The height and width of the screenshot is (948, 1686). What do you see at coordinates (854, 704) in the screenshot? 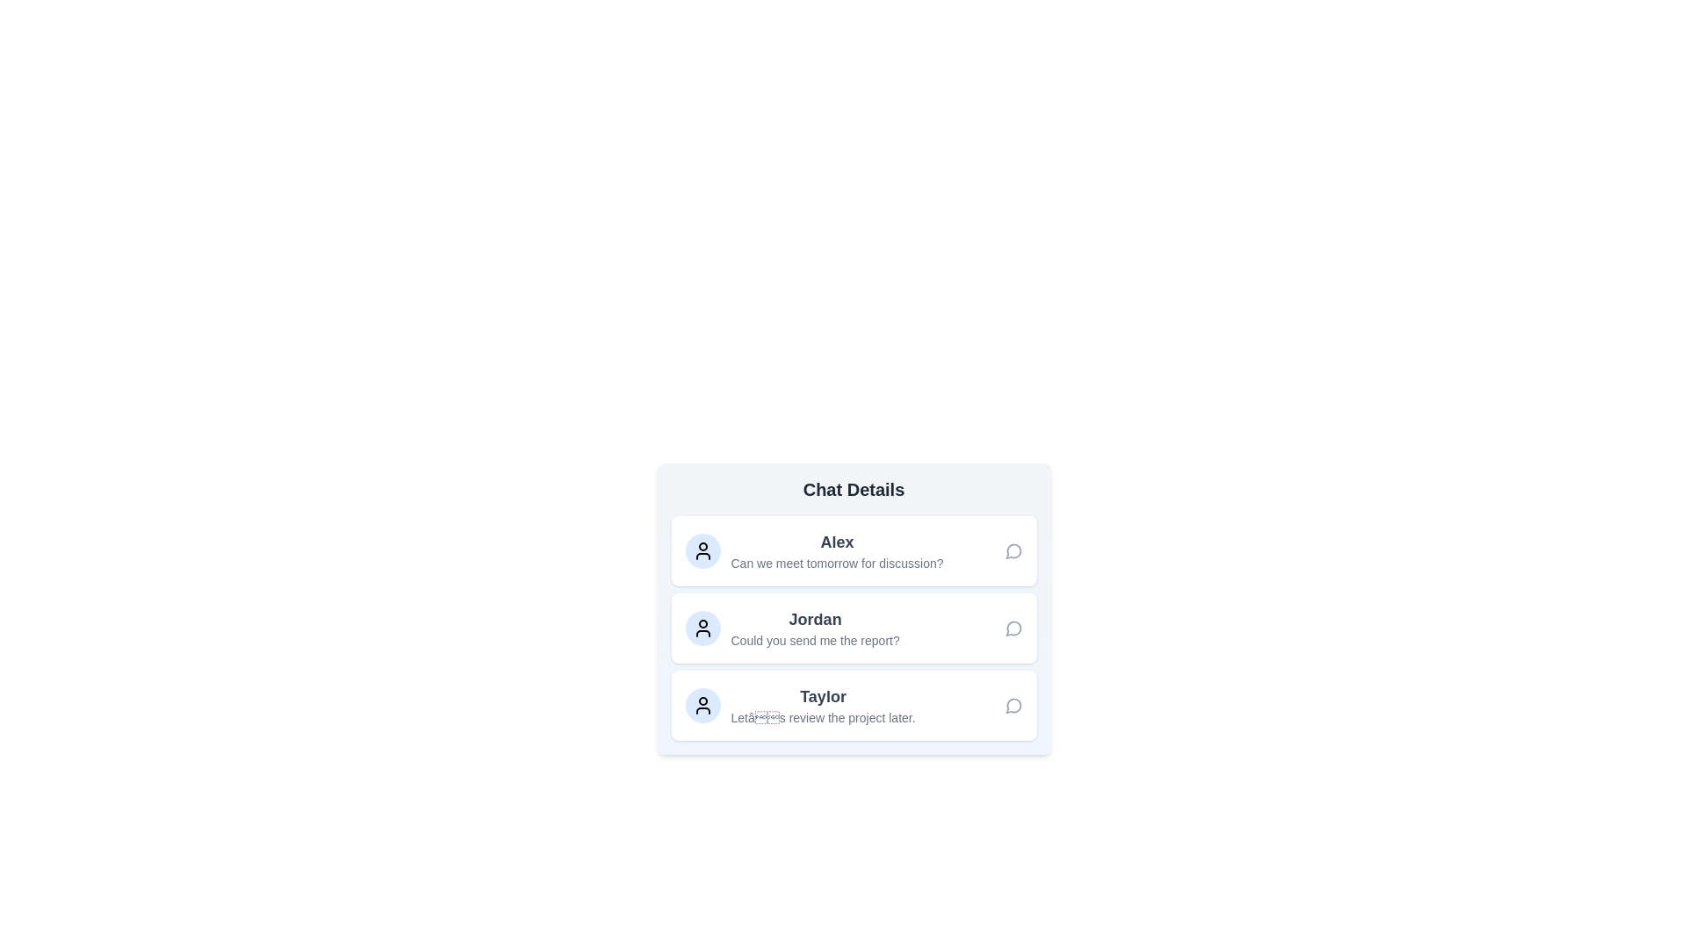
I see `the chat item corresponding to Taylor` at bounding box center [854, 704].